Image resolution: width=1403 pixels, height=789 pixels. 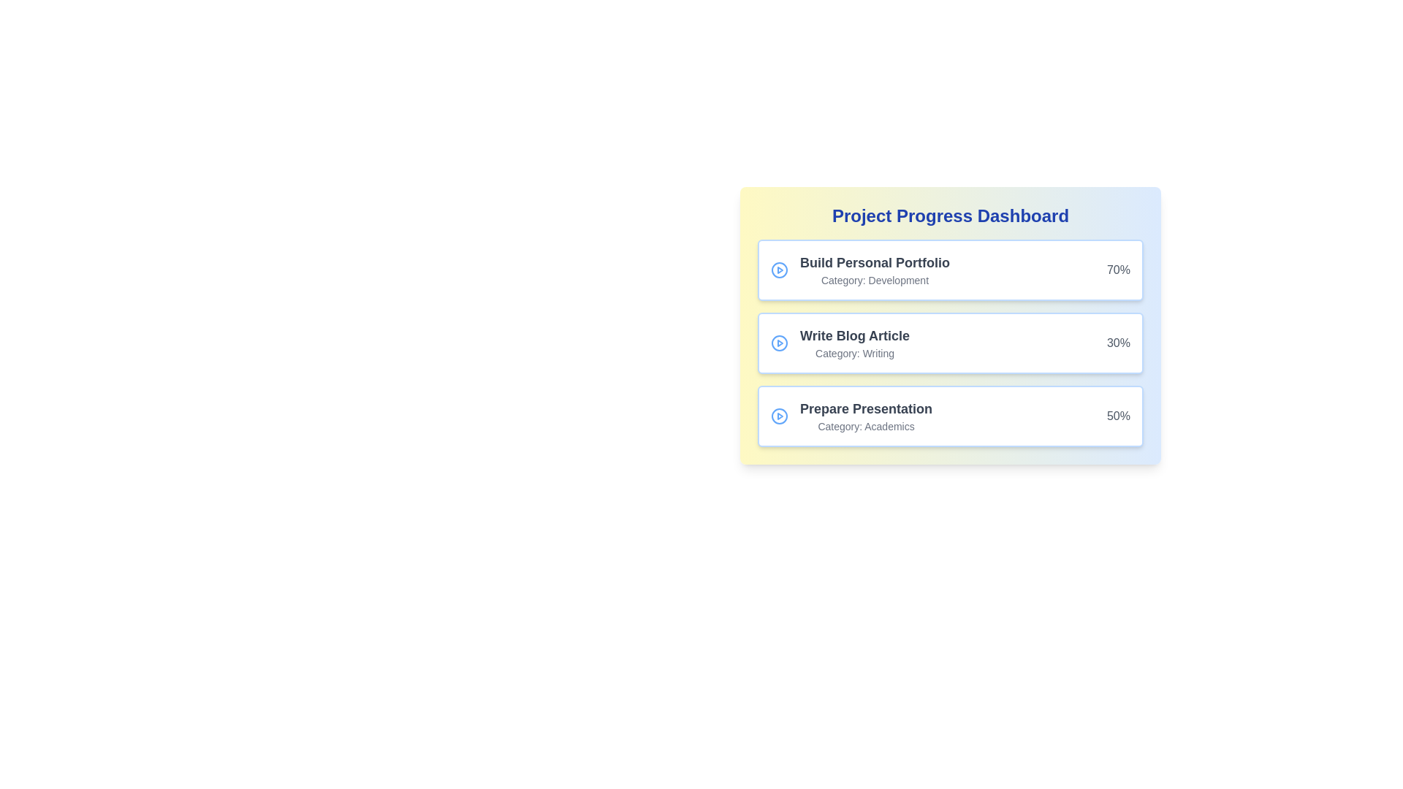 I want to click on the text label 'Build Personal Portfolio', so click(x=875, y=270).